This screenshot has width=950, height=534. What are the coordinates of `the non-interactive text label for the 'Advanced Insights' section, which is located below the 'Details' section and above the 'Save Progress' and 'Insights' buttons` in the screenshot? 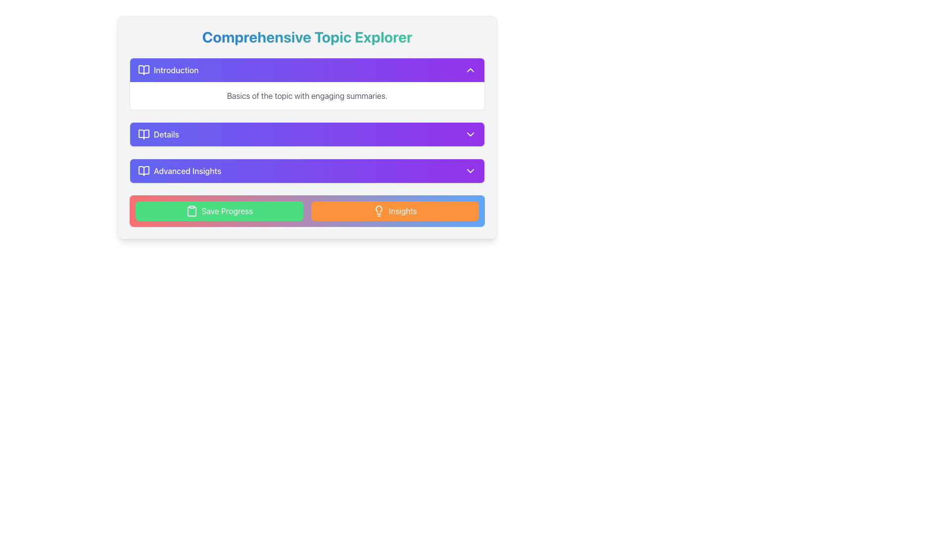 It's located at (180, 171).